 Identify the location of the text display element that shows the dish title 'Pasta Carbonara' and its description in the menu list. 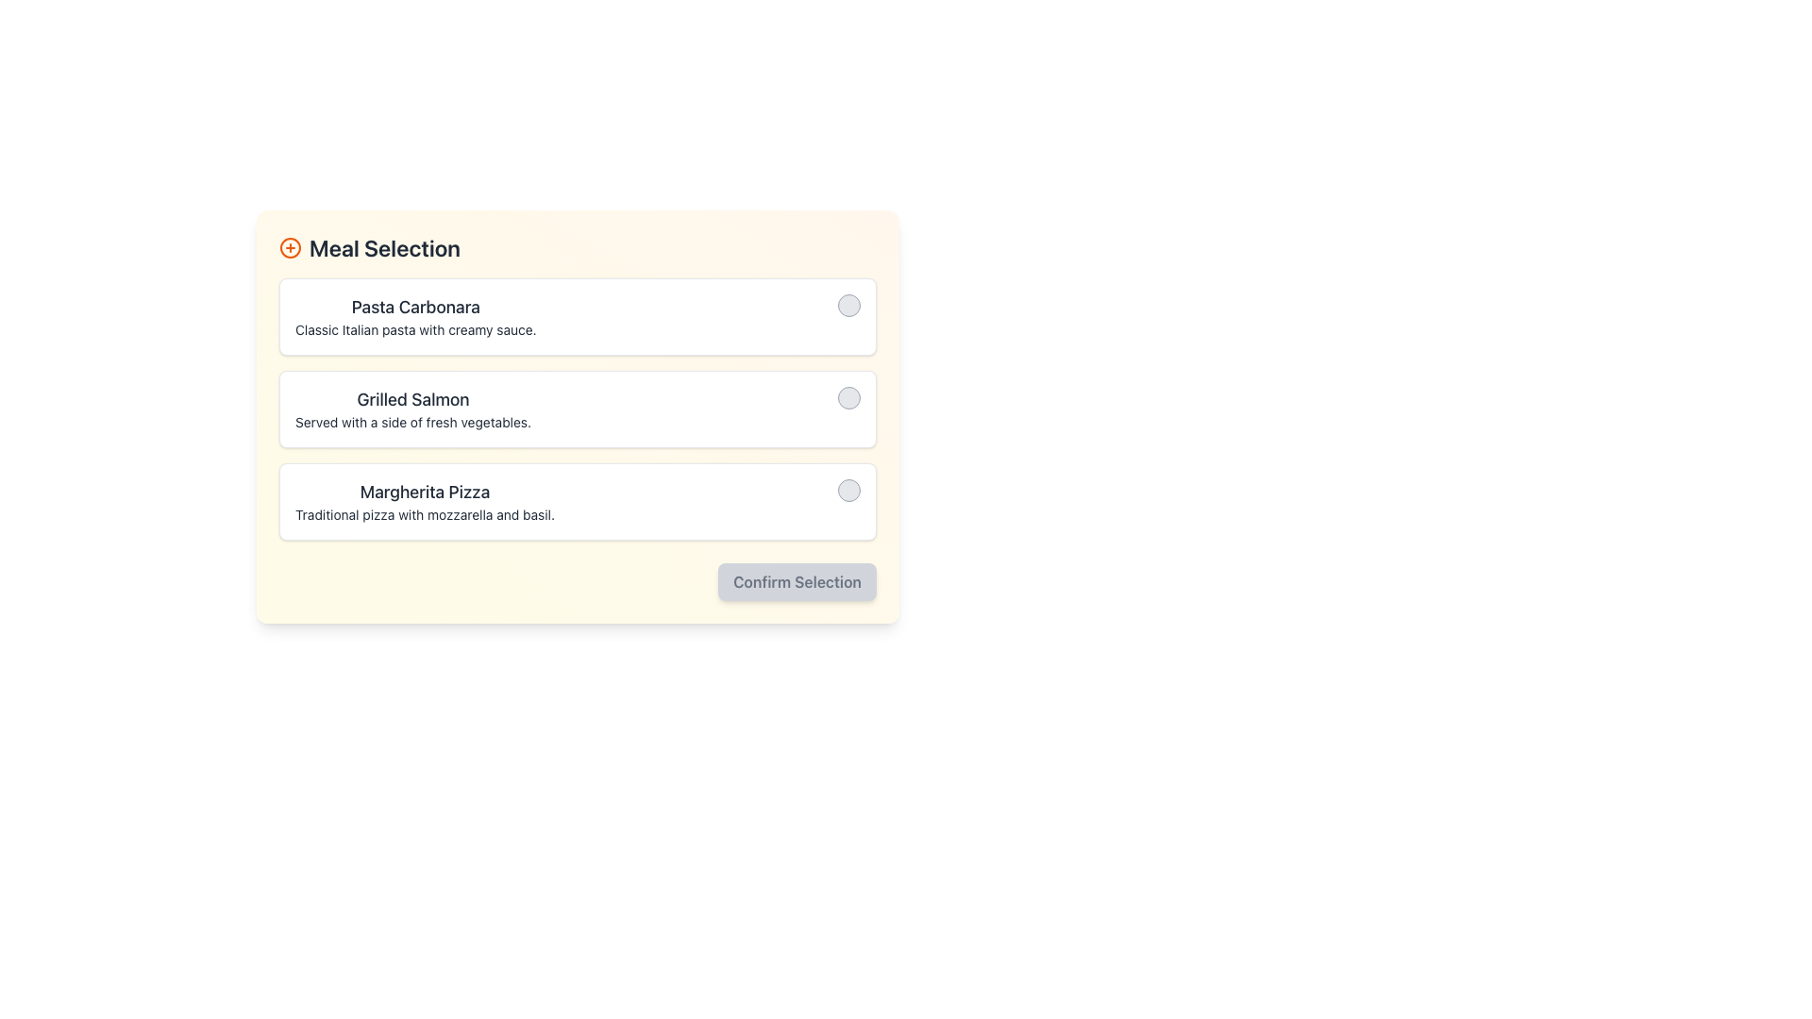
(414, 315).